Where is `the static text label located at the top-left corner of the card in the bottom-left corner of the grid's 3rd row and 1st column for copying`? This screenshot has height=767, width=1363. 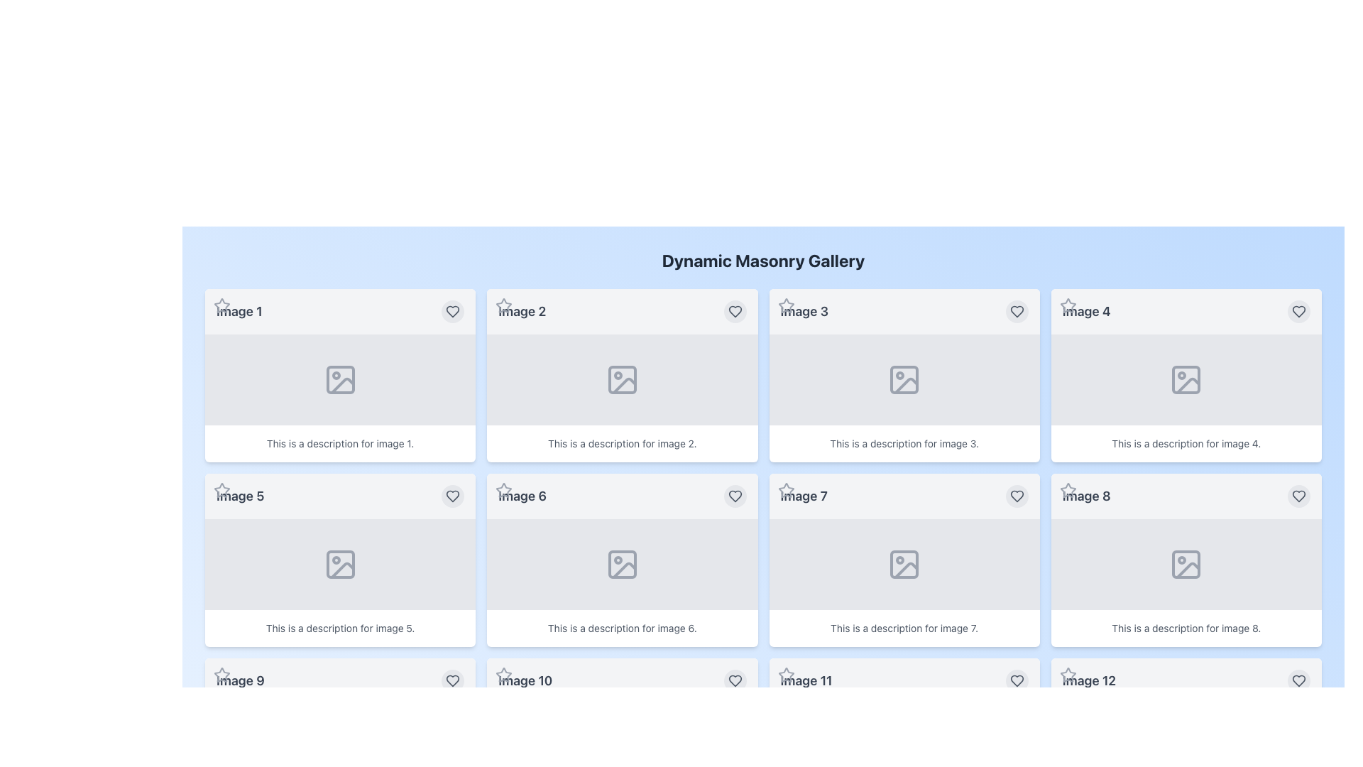 the static text label located at the top-left corner of the card in the bottom-left corner of the grid's 3rd row and 1st column for copying is located at coordinates (806, 680).